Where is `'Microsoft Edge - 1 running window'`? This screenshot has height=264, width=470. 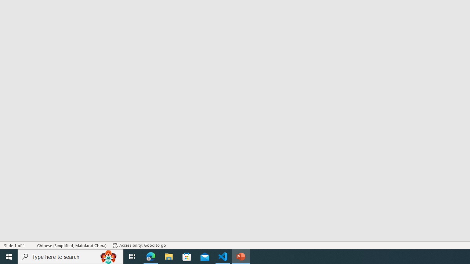
'Microsoft Edge - 1 running window' is located at coordinates (151, 256).